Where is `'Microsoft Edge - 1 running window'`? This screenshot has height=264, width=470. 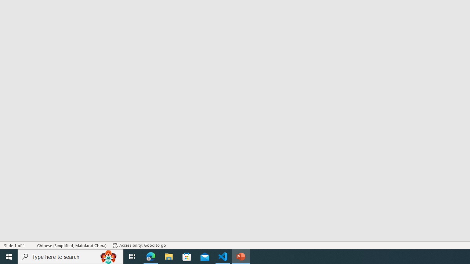
'Microsoft Edge - 1 running window' is located at coordinates (151, 256).